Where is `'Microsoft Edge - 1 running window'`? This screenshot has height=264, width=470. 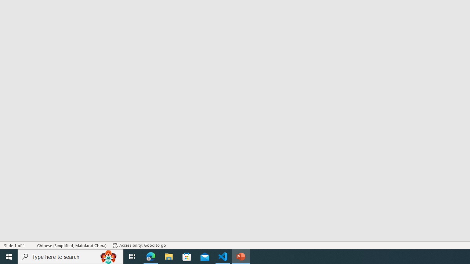
'Microsoft Edge - 1 running window' is located at coordinates (151, 256).